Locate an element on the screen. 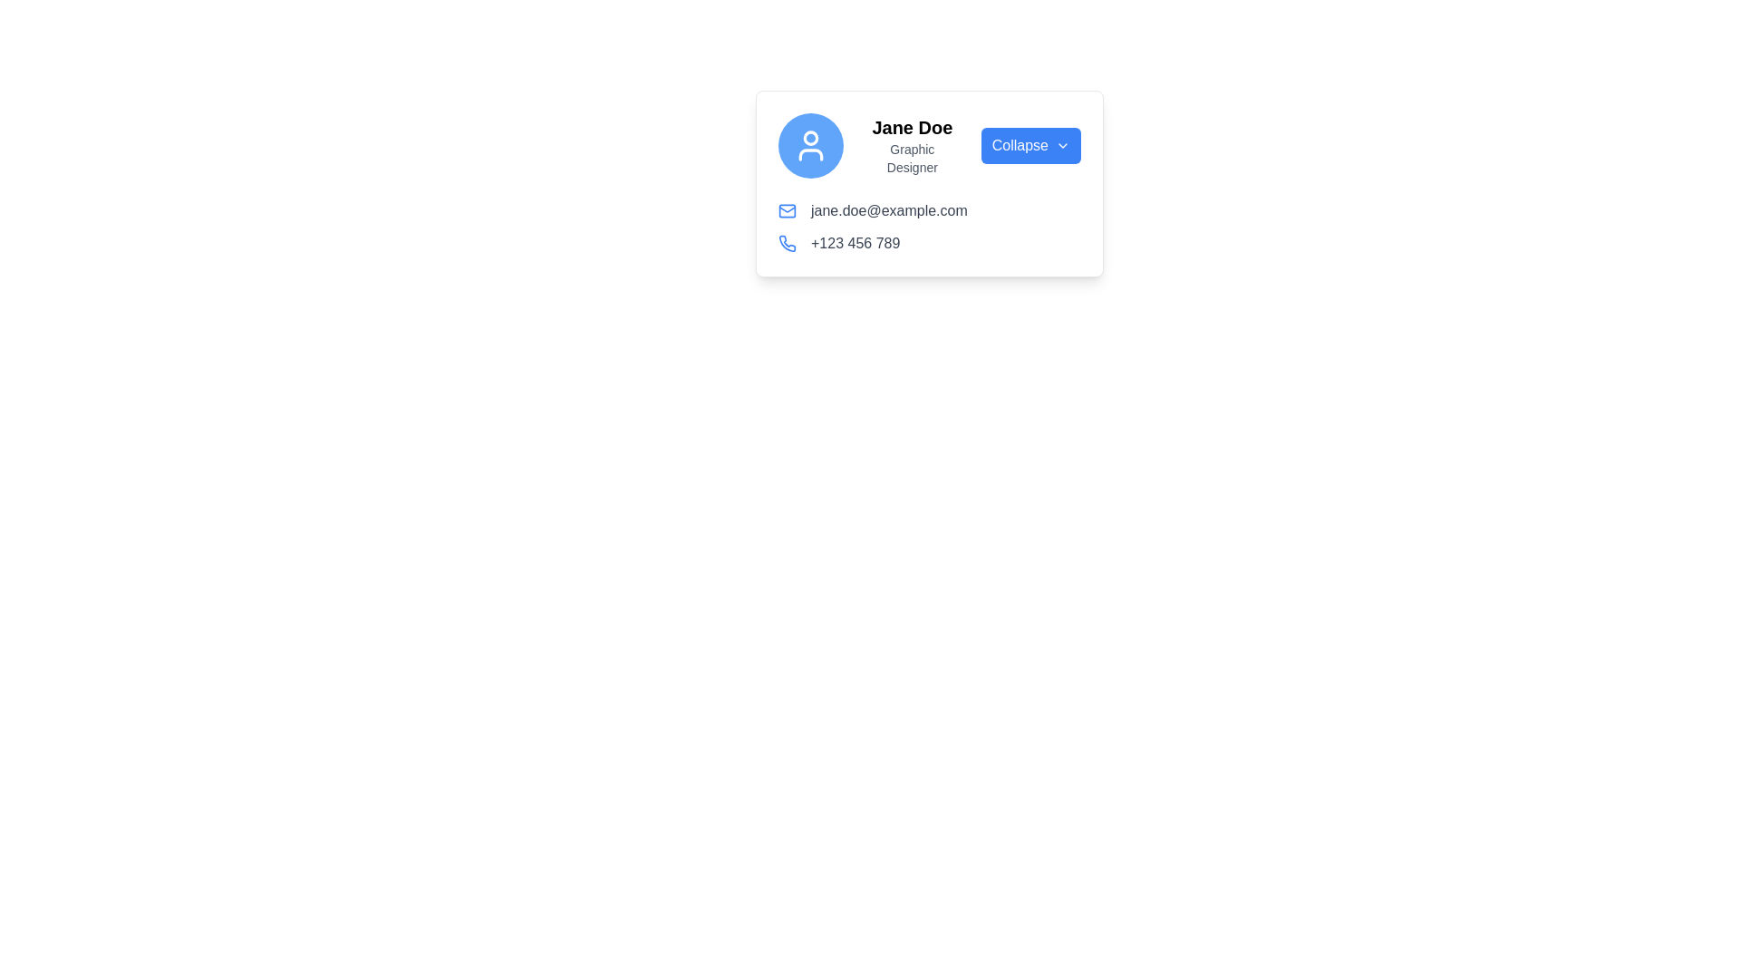 The height and width of the screenshot is (979, 1740). the blue phone icon located to the left of the phone number '+123 456 789' in the contact details section of the user profile card is located at coordinates (787, 243).